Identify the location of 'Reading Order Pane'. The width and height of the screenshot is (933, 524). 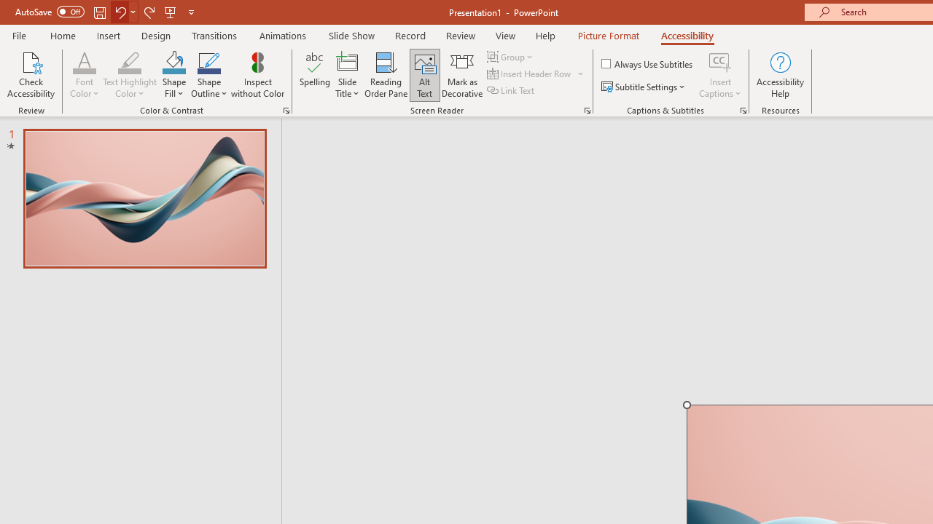
(386, 75).